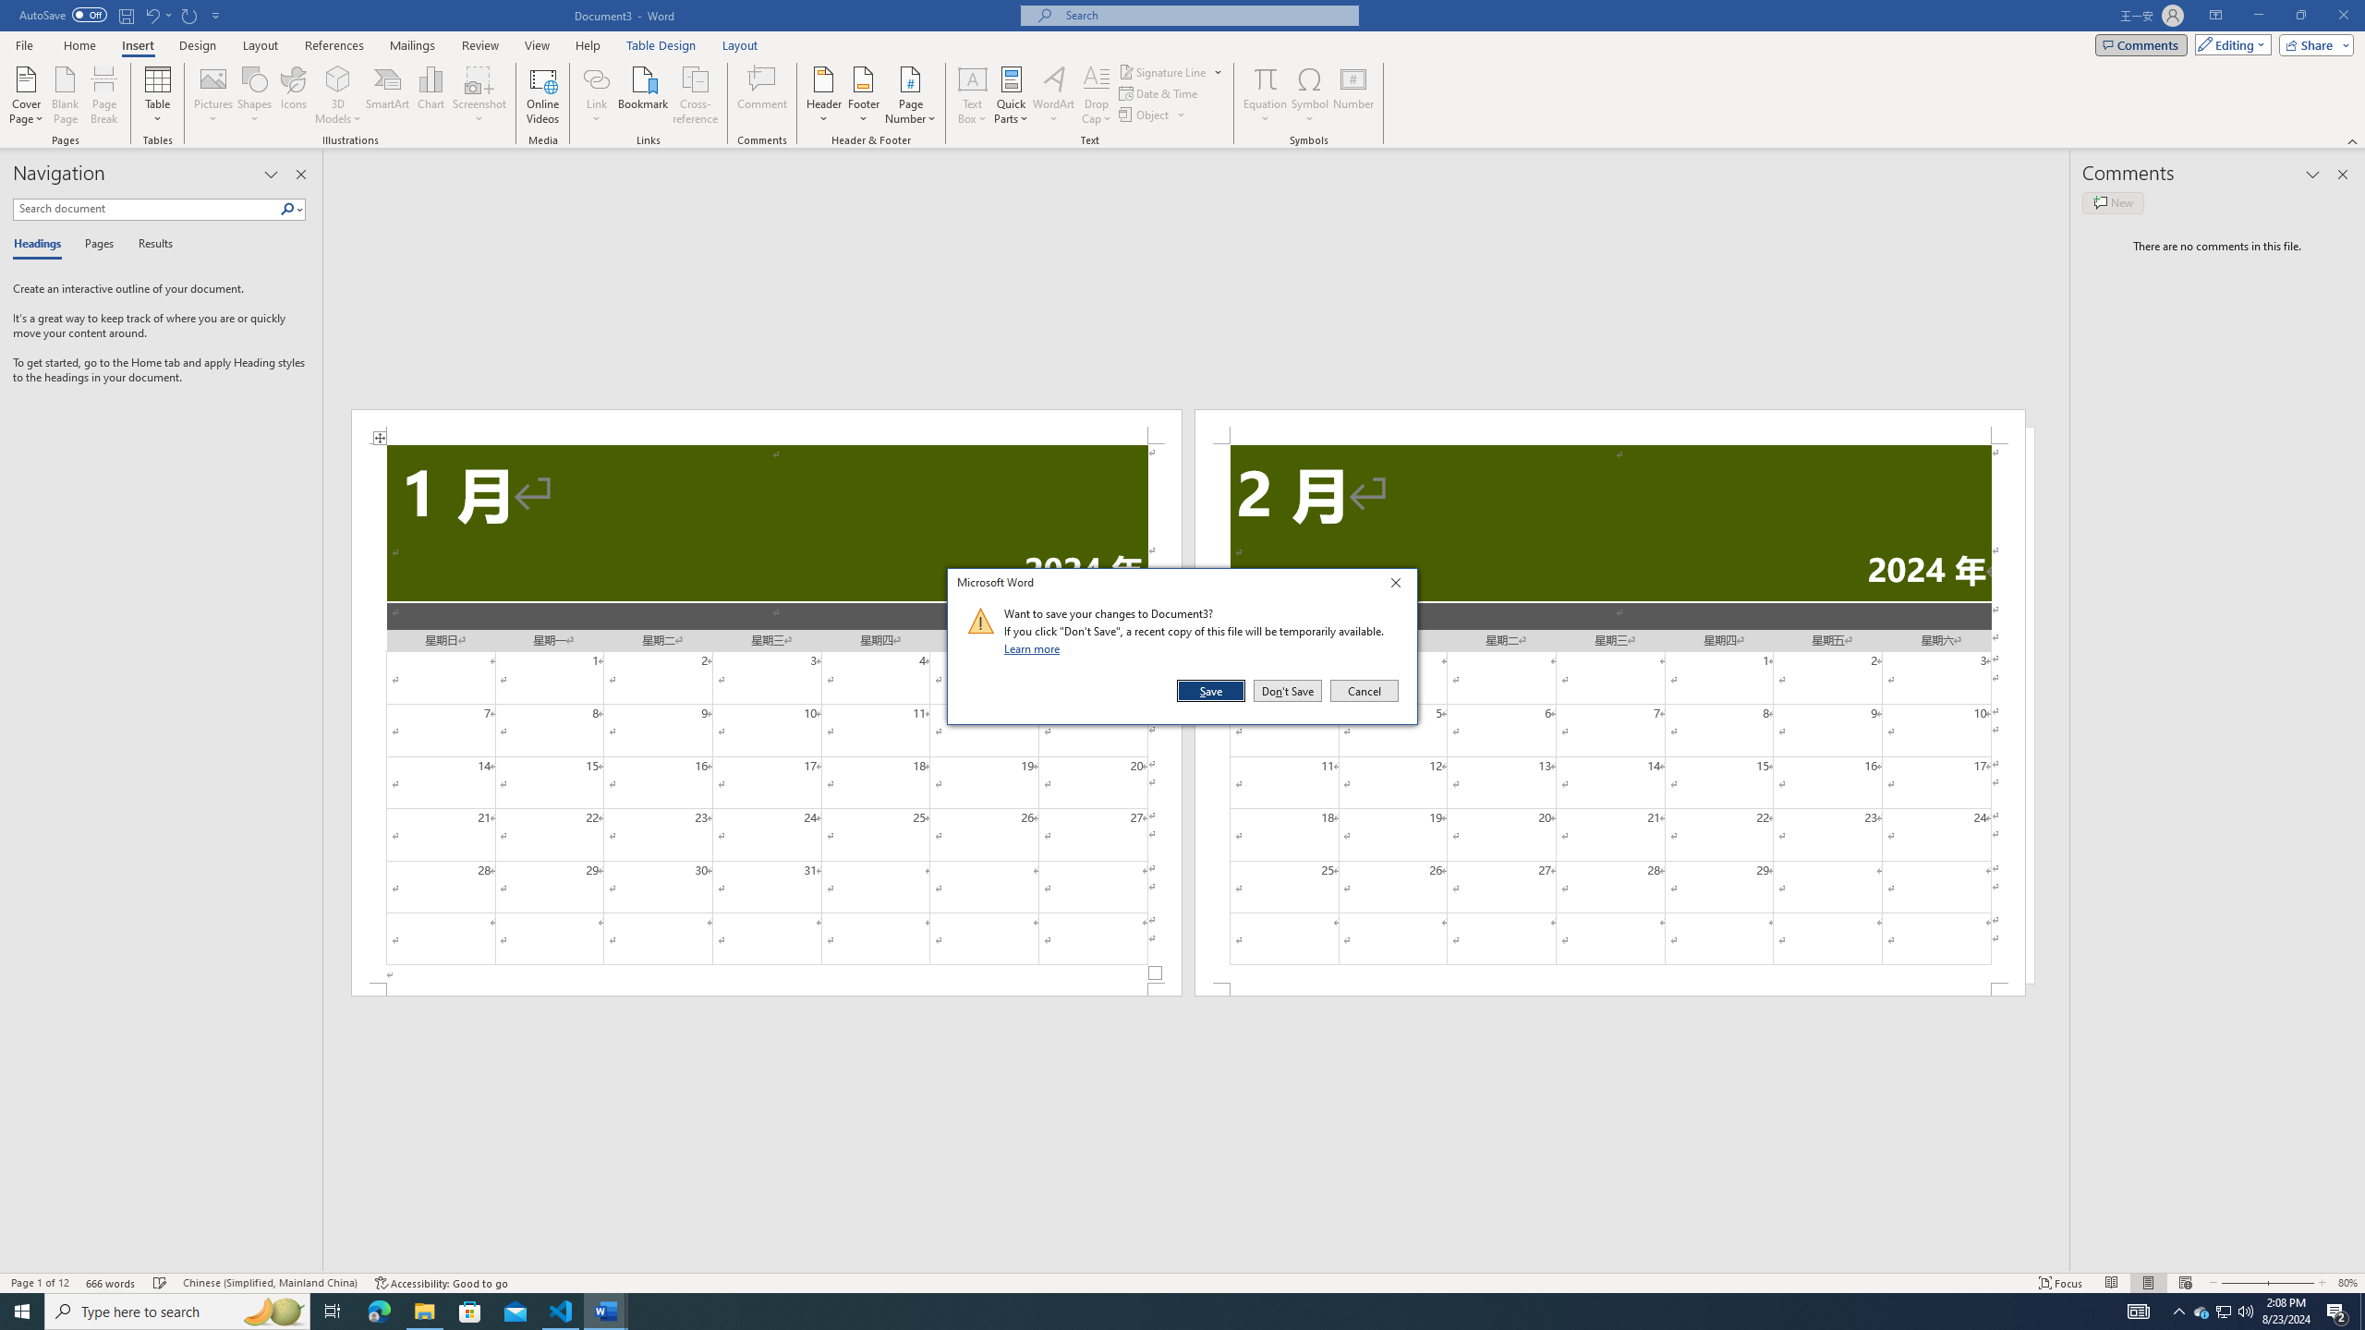 The image size is (2365, 1330). I want to click on 'Table', so click(158, 95).